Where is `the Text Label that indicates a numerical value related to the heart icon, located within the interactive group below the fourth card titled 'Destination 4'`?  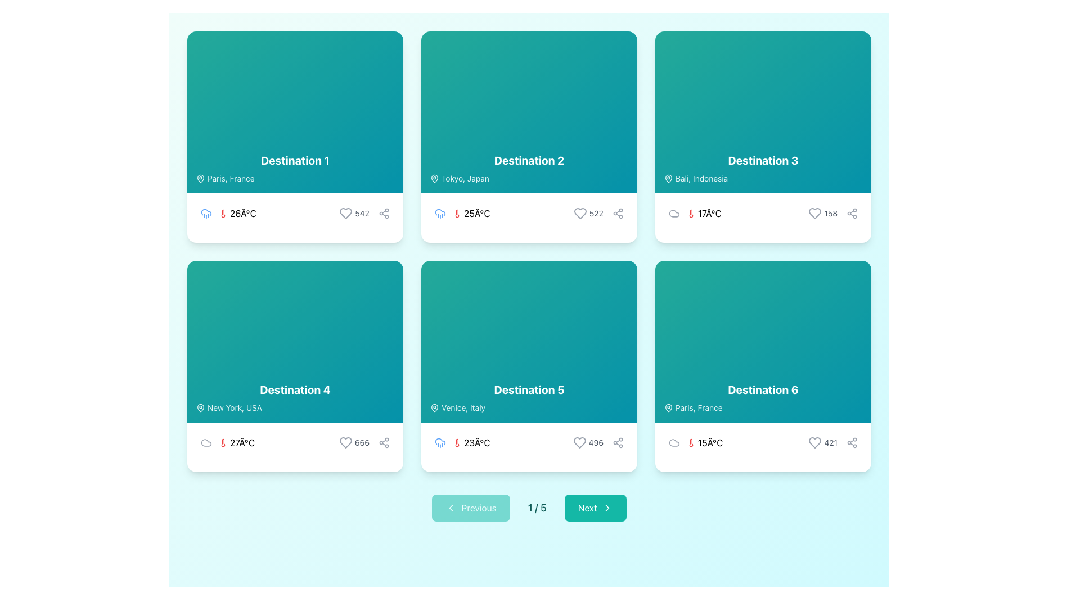 the Text Label that indicates a numerical value related to the heart icon, located within the interactive group below the fourth card titled 'Destination 4' is located at coordinates (362, 442).